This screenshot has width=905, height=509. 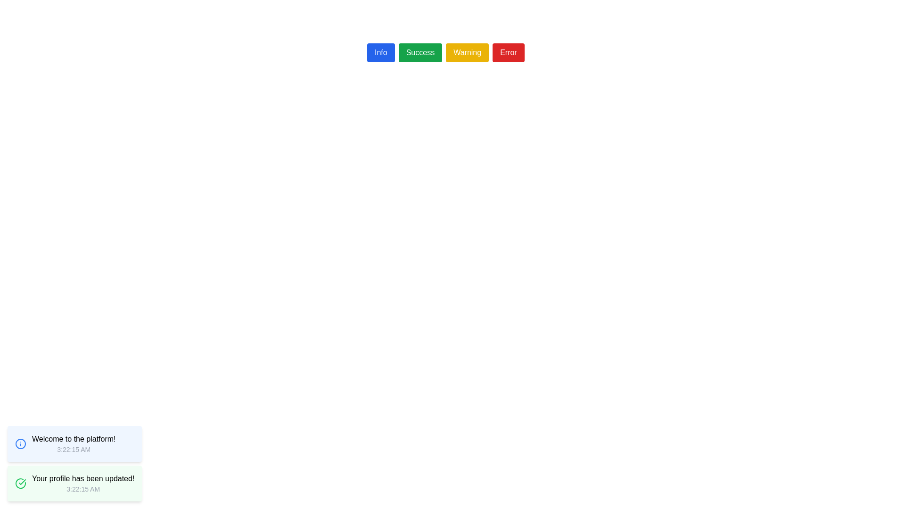 I want to click on the information icon represented by a blue circular border with a small 'i' in the center, located on the left side of the notification card that says 'Welcome to the platform!', so click(x=20, y=443).